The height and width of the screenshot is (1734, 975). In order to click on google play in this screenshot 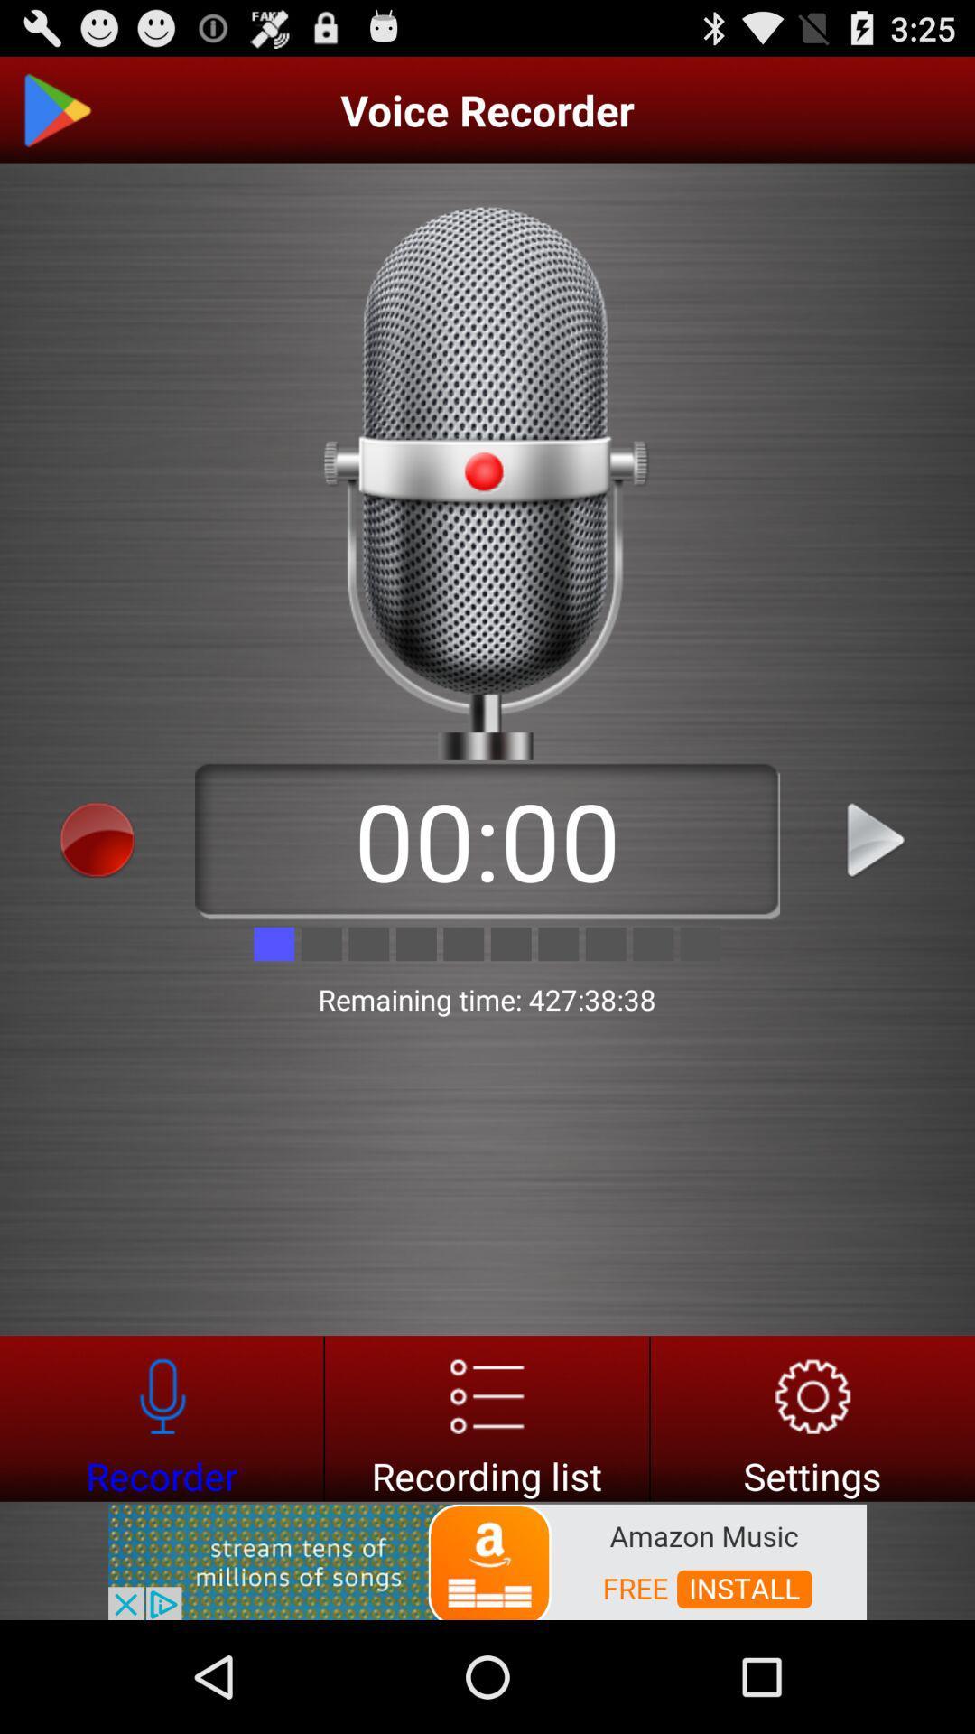, I will do `click(55, 109)`.